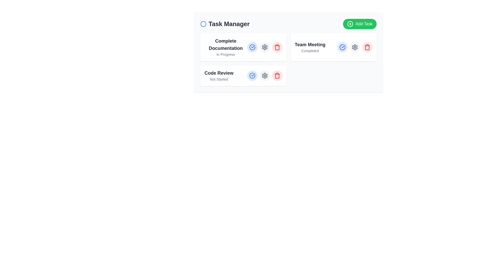 Image resolution: width=497 pixels, height=279 pixels. What do you see at coordinates (265, 47) in the screenshot?
I see `the gear-shaped icon button located in the task card labeled 'Code Review'` at bounding box center [265, 47].